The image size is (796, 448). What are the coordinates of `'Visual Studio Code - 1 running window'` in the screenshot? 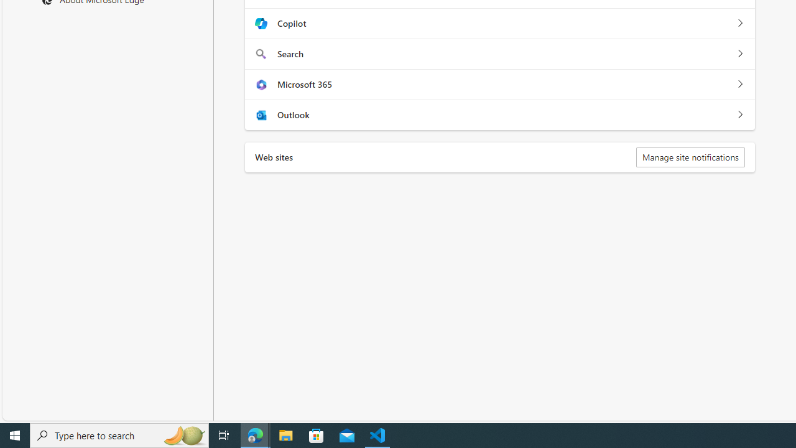 It's located at (377, 434).